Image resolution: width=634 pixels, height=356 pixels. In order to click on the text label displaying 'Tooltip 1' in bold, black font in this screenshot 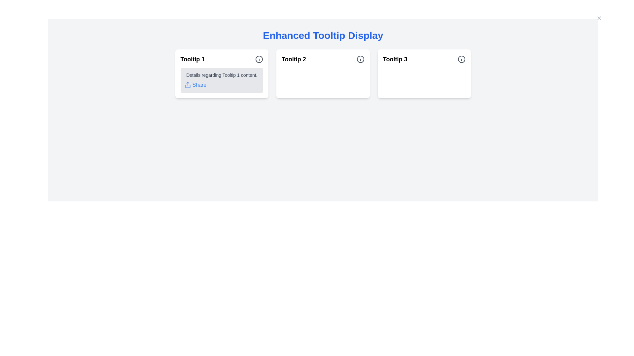, I will do `click(192, 59)`.